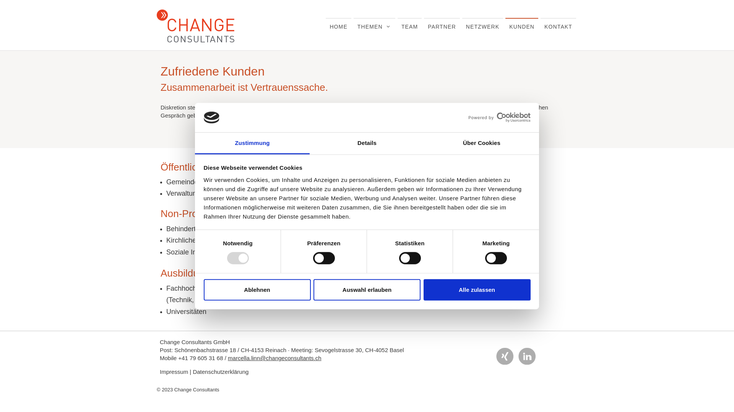 This screenshot has width=734, height=412. I want to click on 'KONTAKT', so click(558, 26).